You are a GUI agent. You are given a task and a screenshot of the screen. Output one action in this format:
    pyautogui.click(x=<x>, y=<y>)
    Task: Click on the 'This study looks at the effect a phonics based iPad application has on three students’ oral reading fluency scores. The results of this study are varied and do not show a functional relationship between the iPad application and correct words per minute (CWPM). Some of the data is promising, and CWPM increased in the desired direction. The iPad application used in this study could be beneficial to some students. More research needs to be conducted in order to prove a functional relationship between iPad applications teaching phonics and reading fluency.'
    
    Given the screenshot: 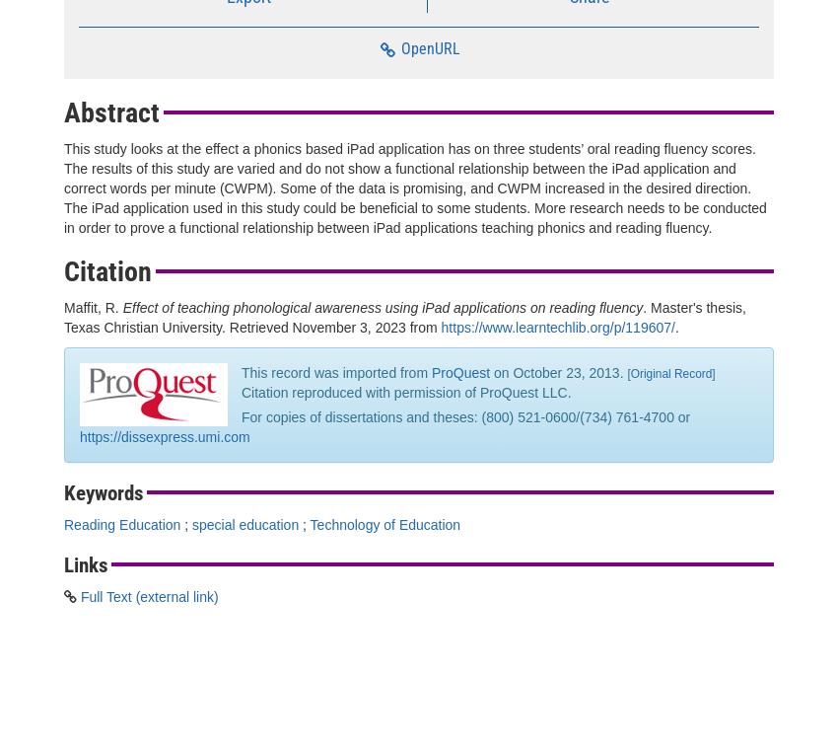 What is the action you would take?
    pyautogui.click(x=415, y=187)
    